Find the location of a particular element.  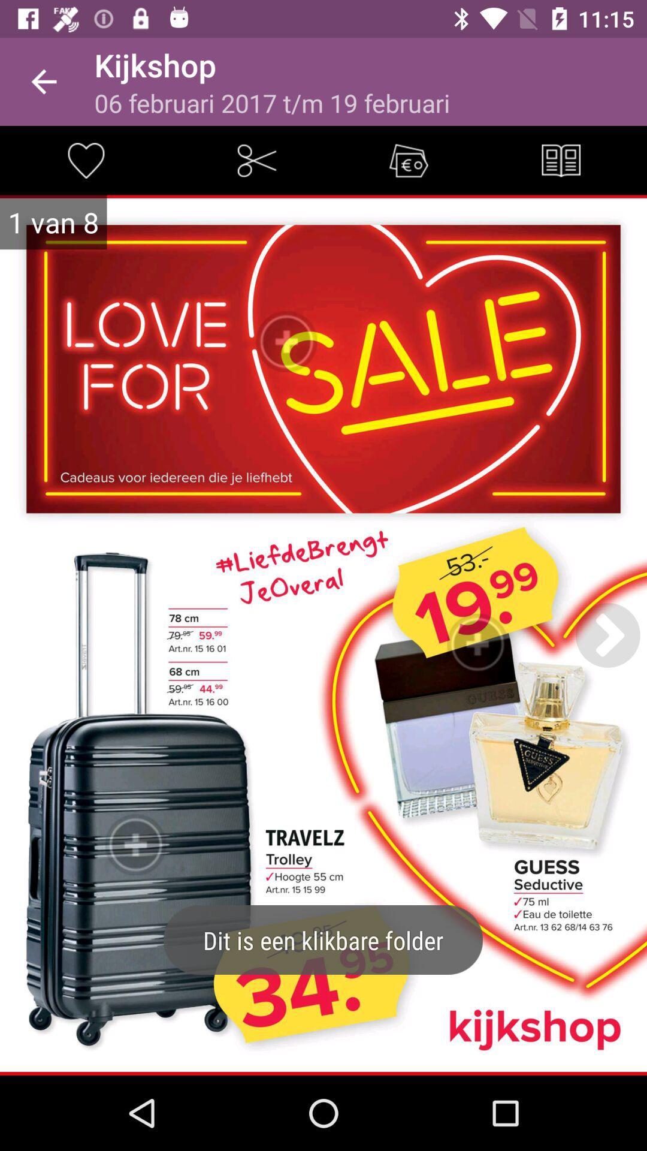

cupons is located at coordinates (408, 159).